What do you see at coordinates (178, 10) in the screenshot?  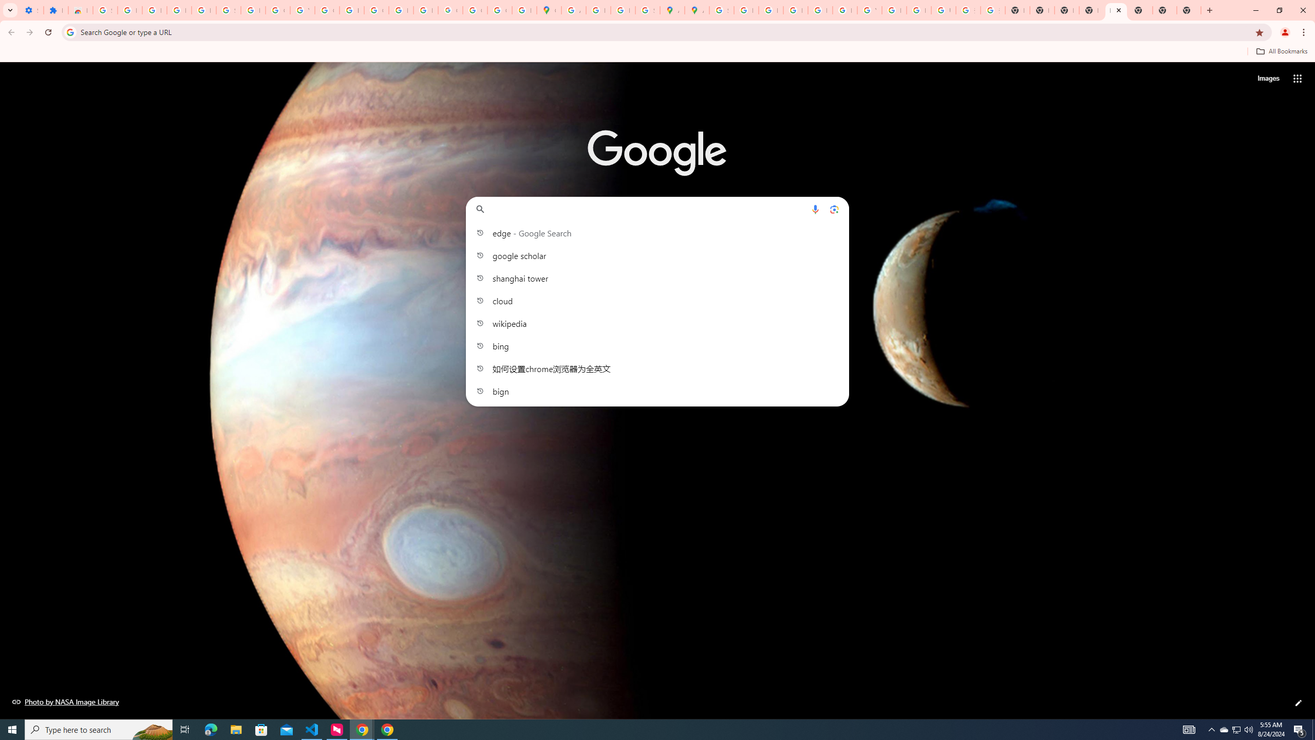 I see `'Learn how to find your photos - Google Photos Help'` at bounding box center [178, 10].